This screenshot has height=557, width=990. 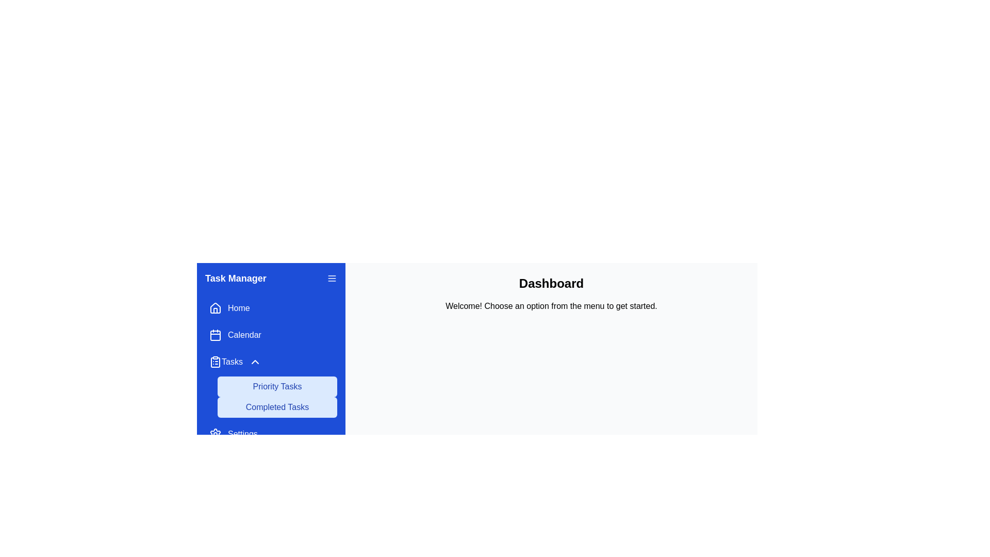 I want to click on the navigation button located in the vertical menu, which is the second item below 'Home' and above 'Tasks', so click(x=271, y=335).